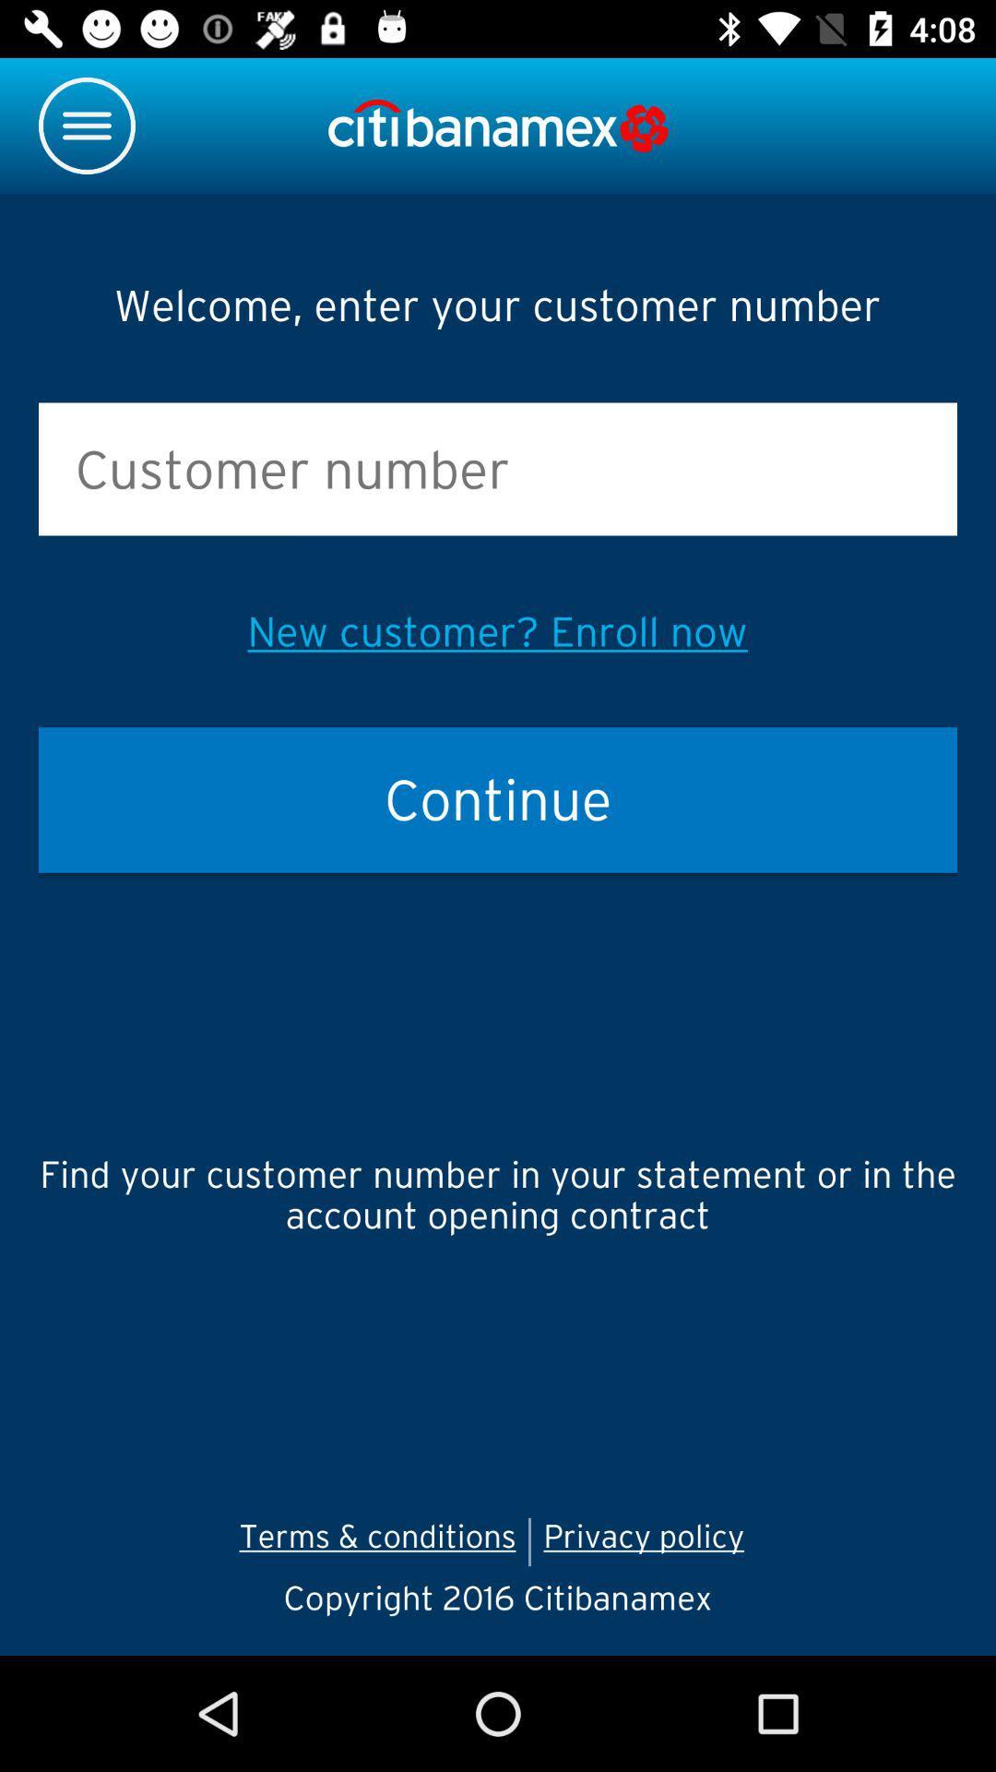 The image size is (996, 1772). Describe the element at coordinates (649, 1541) in the screenshot. I see `the item above copyright 2016 citibanamex icon` at that location.